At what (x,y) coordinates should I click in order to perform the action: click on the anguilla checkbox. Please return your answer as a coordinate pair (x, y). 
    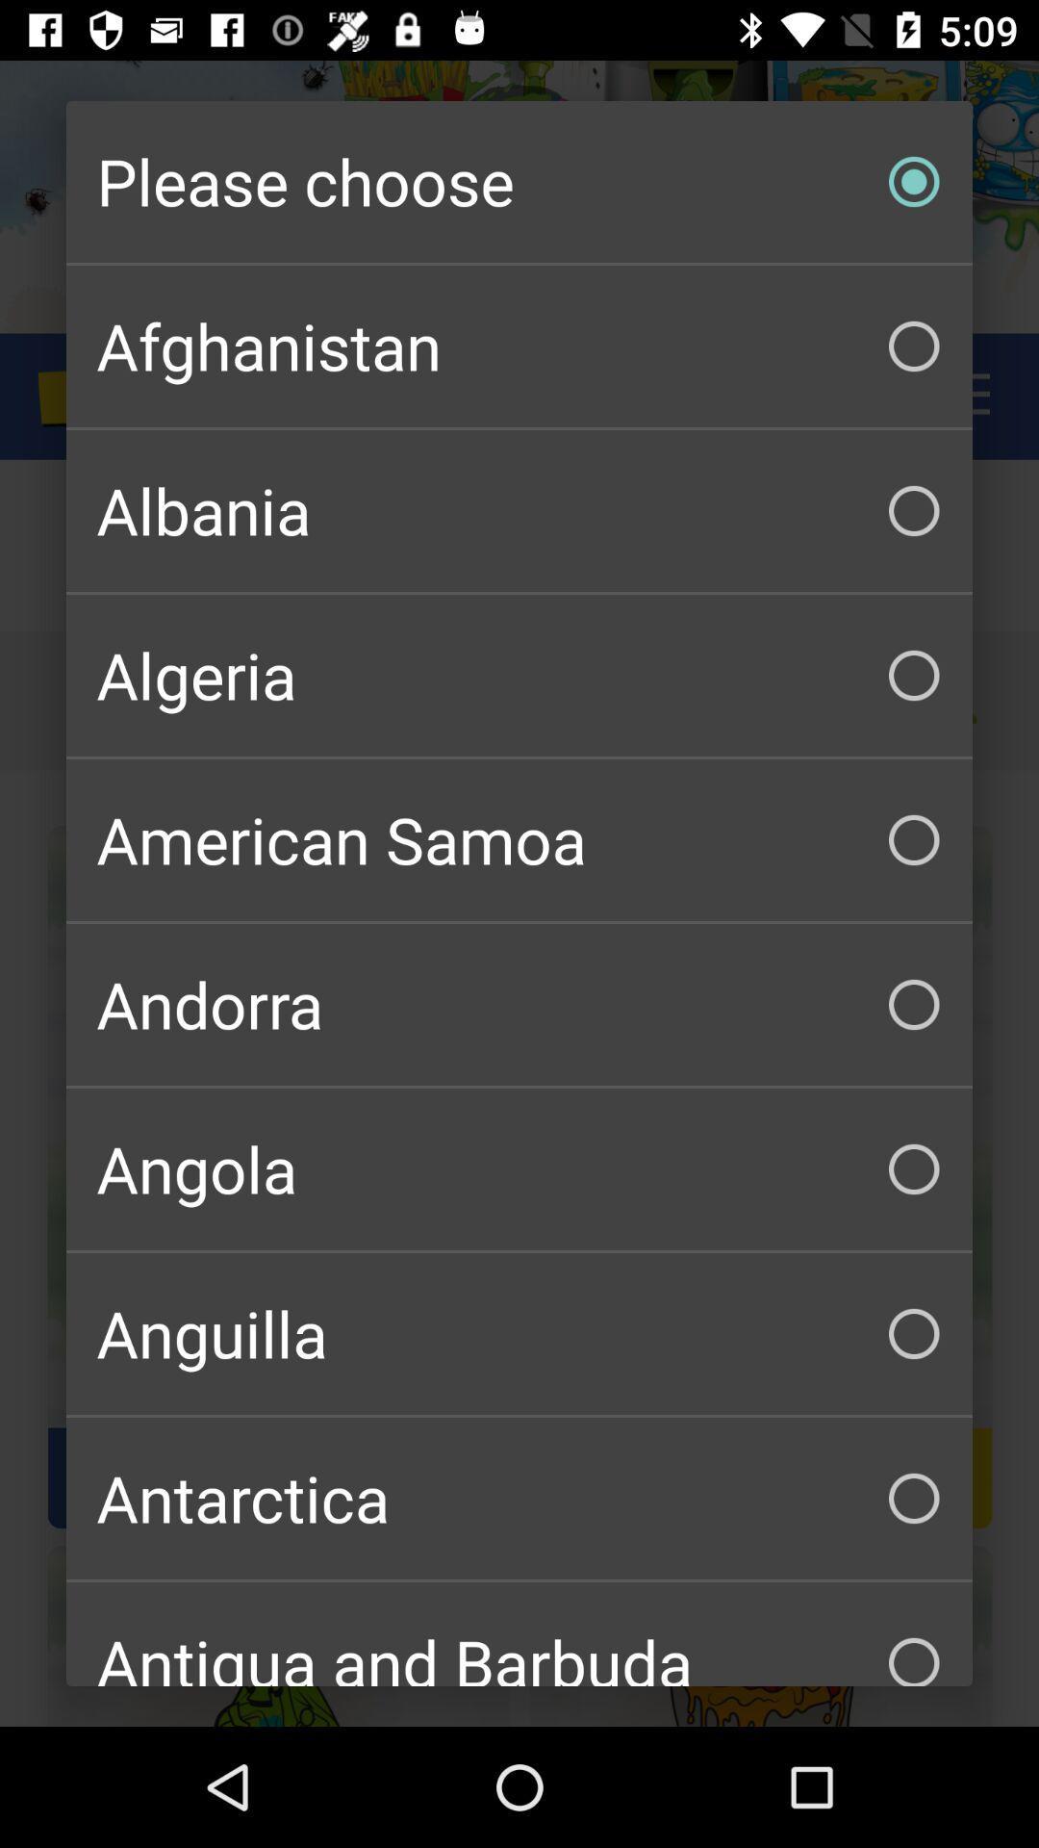
    Looking at the image, I should click on (519, 1333).